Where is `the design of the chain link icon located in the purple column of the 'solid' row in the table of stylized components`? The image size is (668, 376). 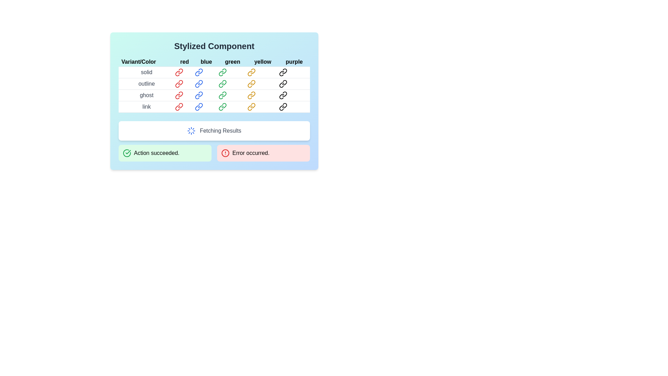 the design of the chain link icon located in the purple column of the 'solid' row in the table of stylized components is located at coordinates (284, 71).